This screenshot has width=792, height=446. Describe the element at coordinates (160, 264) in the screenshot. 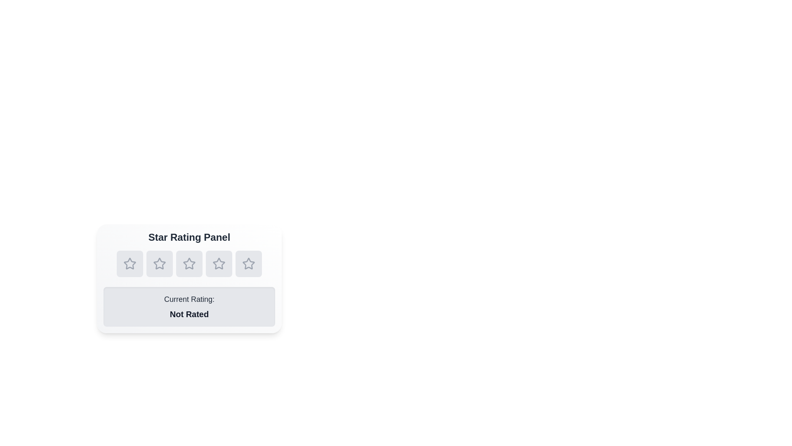

I see `the second interactive star rating button, which is a rounded rectangle filled with light gray and contains a gray outlined star icon` at that location.